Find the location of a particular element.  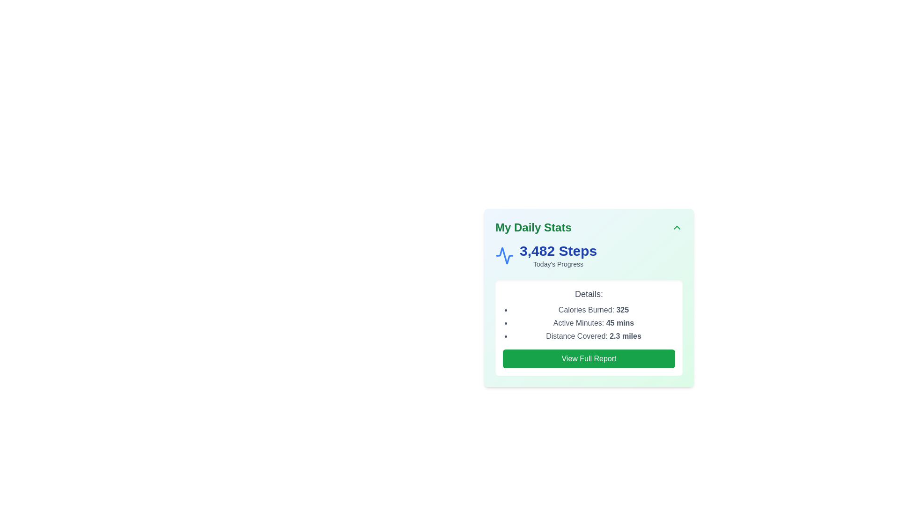

the text label displaying '2.3 miles' within the 'Details' section under 'My Daily Stats' is located at coordinates (625, 335).